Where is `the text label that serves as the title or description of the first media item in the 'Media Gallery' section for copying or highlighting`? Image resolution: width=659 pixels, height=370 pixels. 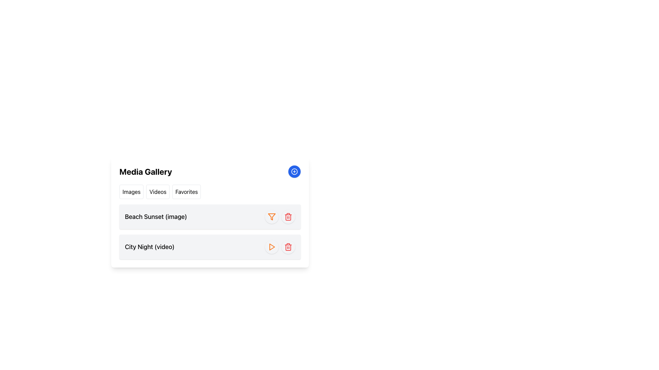
the text label that serves as the title or description of the first media item in the 'Media Gallery' section for copying or highlighting is located at coordinates (155, 217).